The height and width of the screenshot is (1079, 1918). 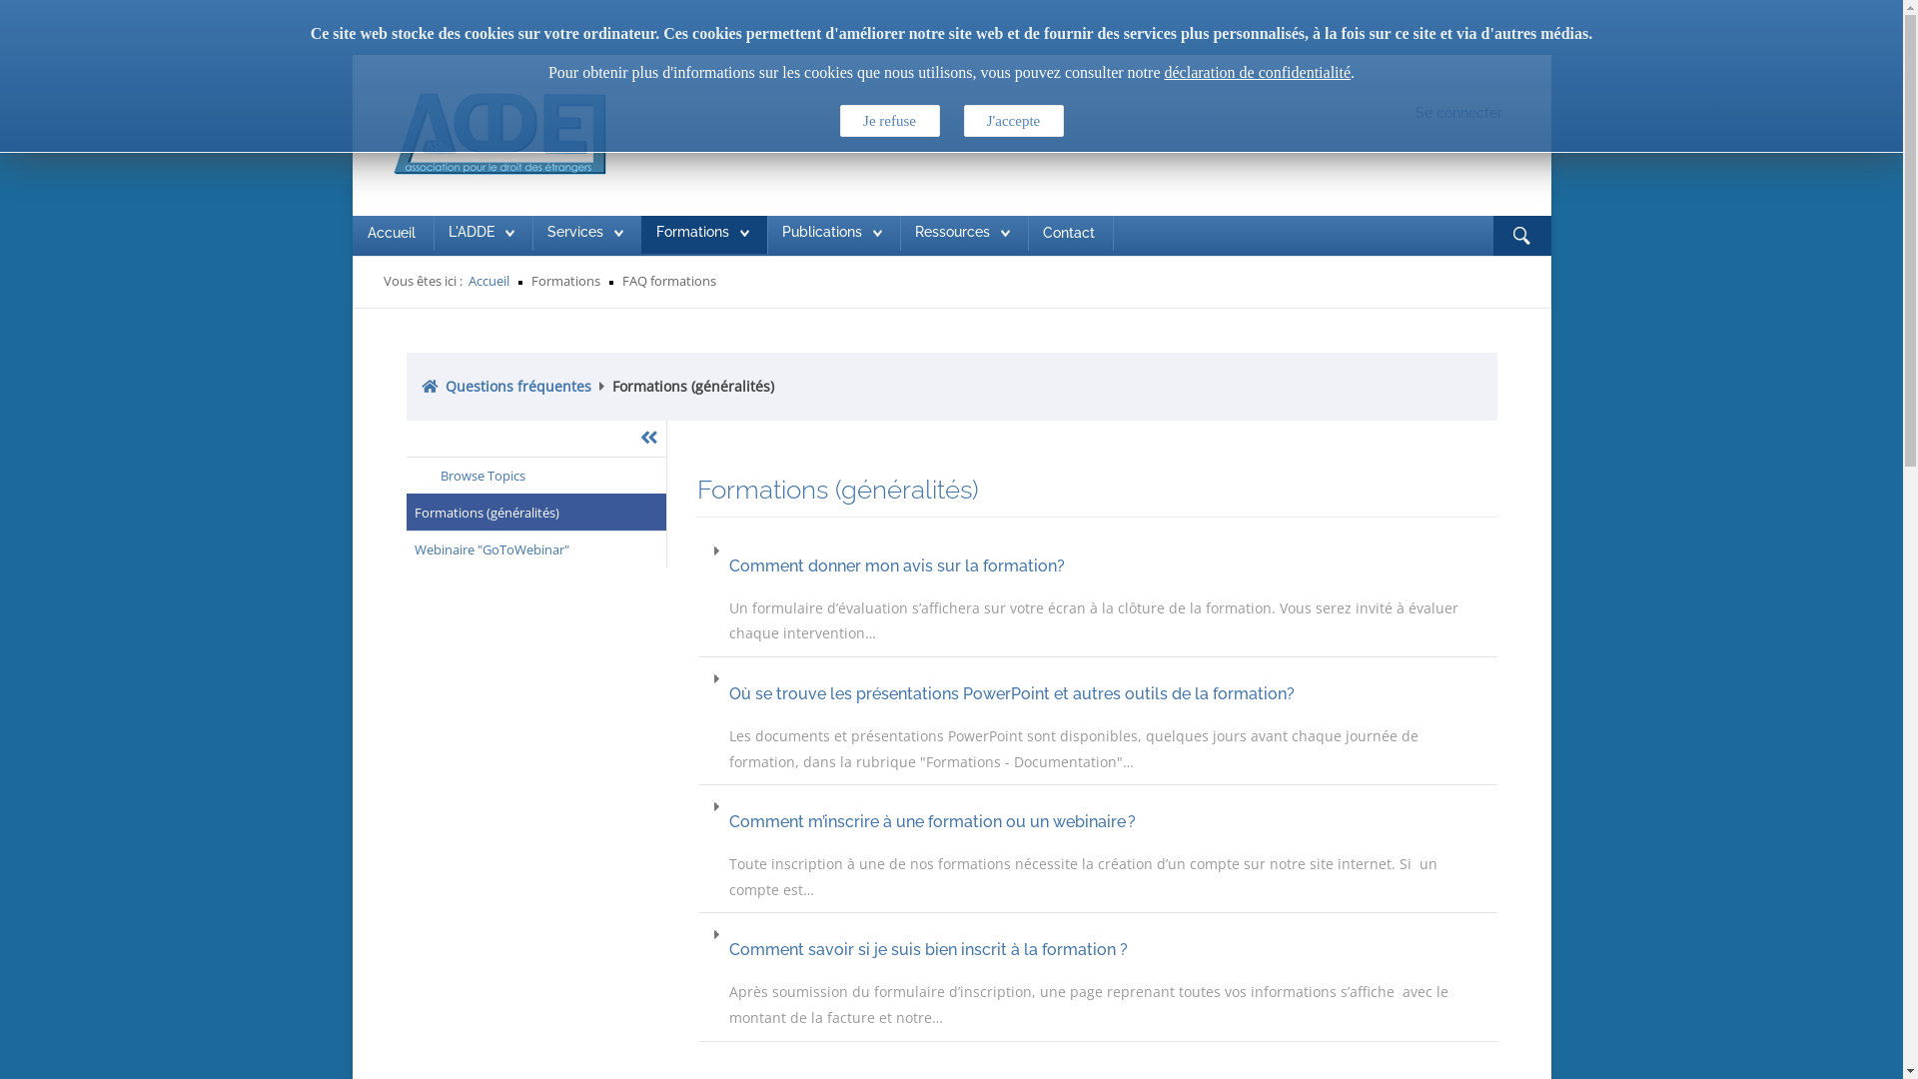 What do you see at coordinates (1068, 231) in the screenshot?
I see `'Contact'` at bounding box center [1068, 231].